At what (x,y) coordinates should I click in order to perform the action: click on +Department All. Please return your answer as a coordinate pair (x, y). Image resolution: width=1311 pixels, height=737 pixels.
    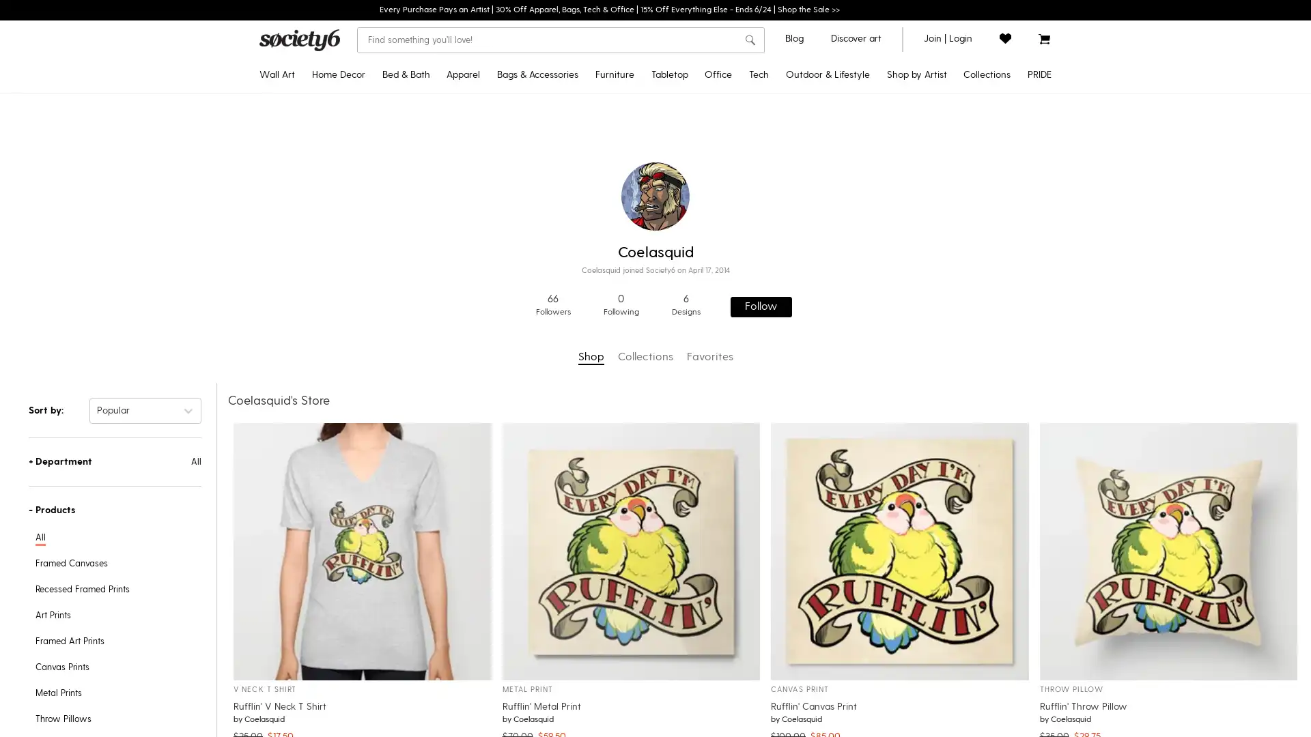
    Looking at the image, I should click on (115, 461).